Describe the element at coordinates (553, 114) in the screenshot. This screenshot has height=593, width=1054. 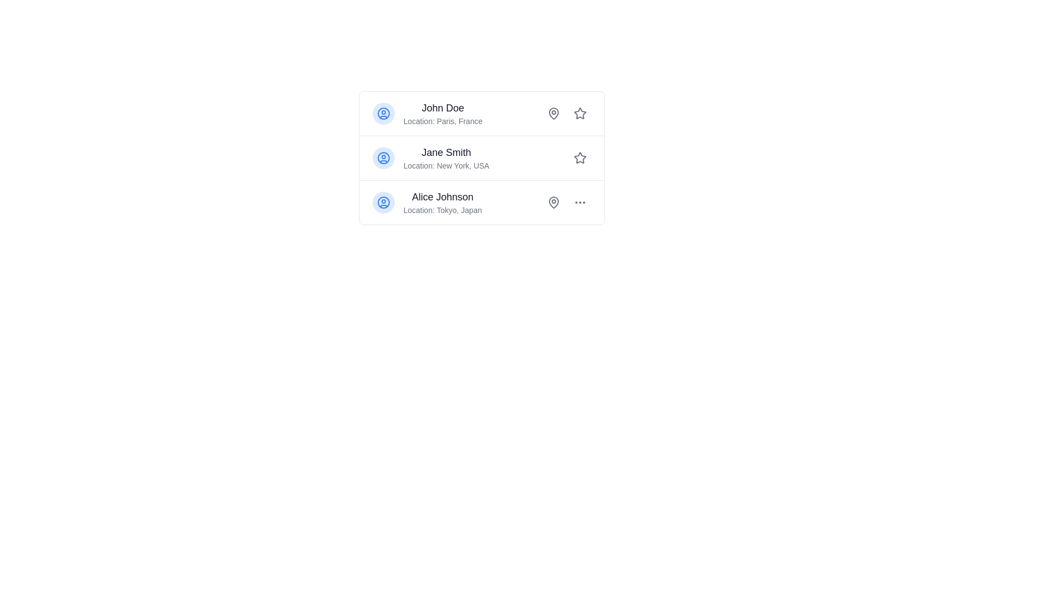
I see `the map pin icon located to the right of the text 'John Doe'` at that location.